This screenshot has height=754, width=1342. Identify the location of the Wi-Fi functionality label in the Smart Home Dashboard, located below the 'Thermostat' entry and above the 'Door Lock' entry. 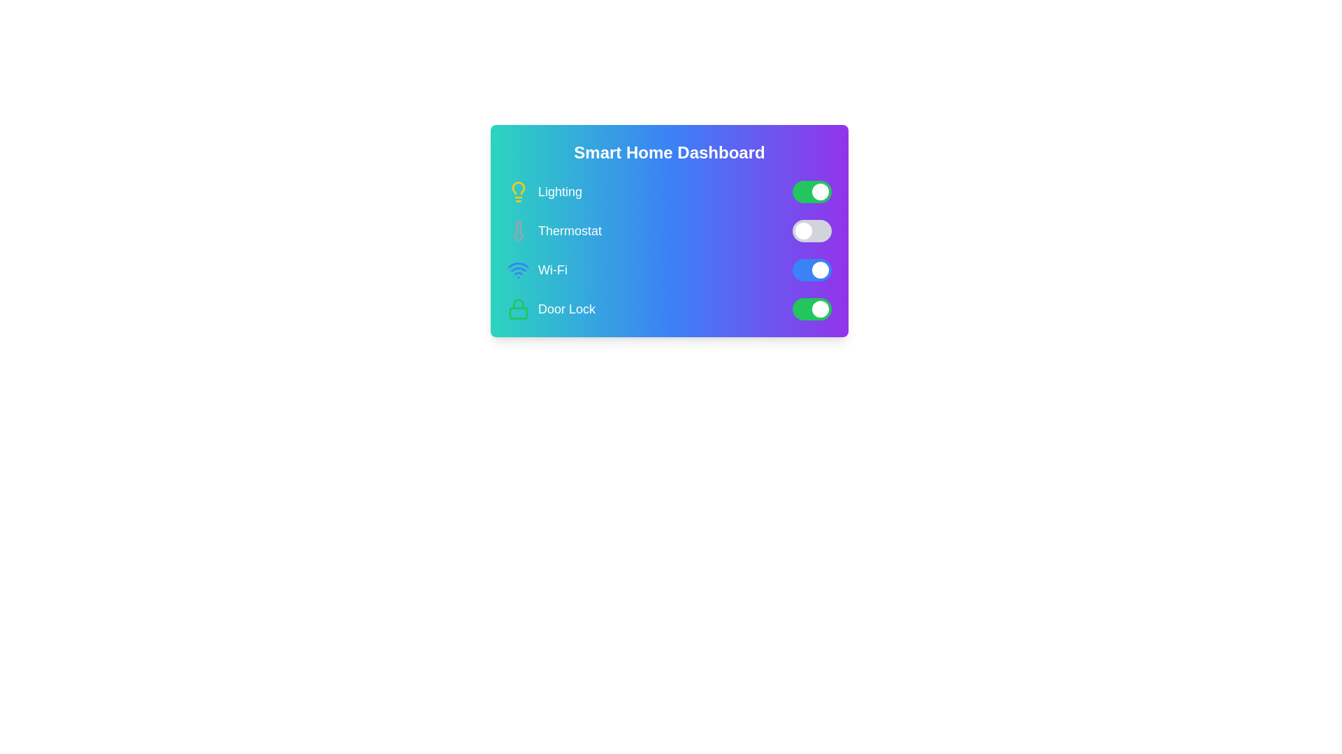
(552, 269).